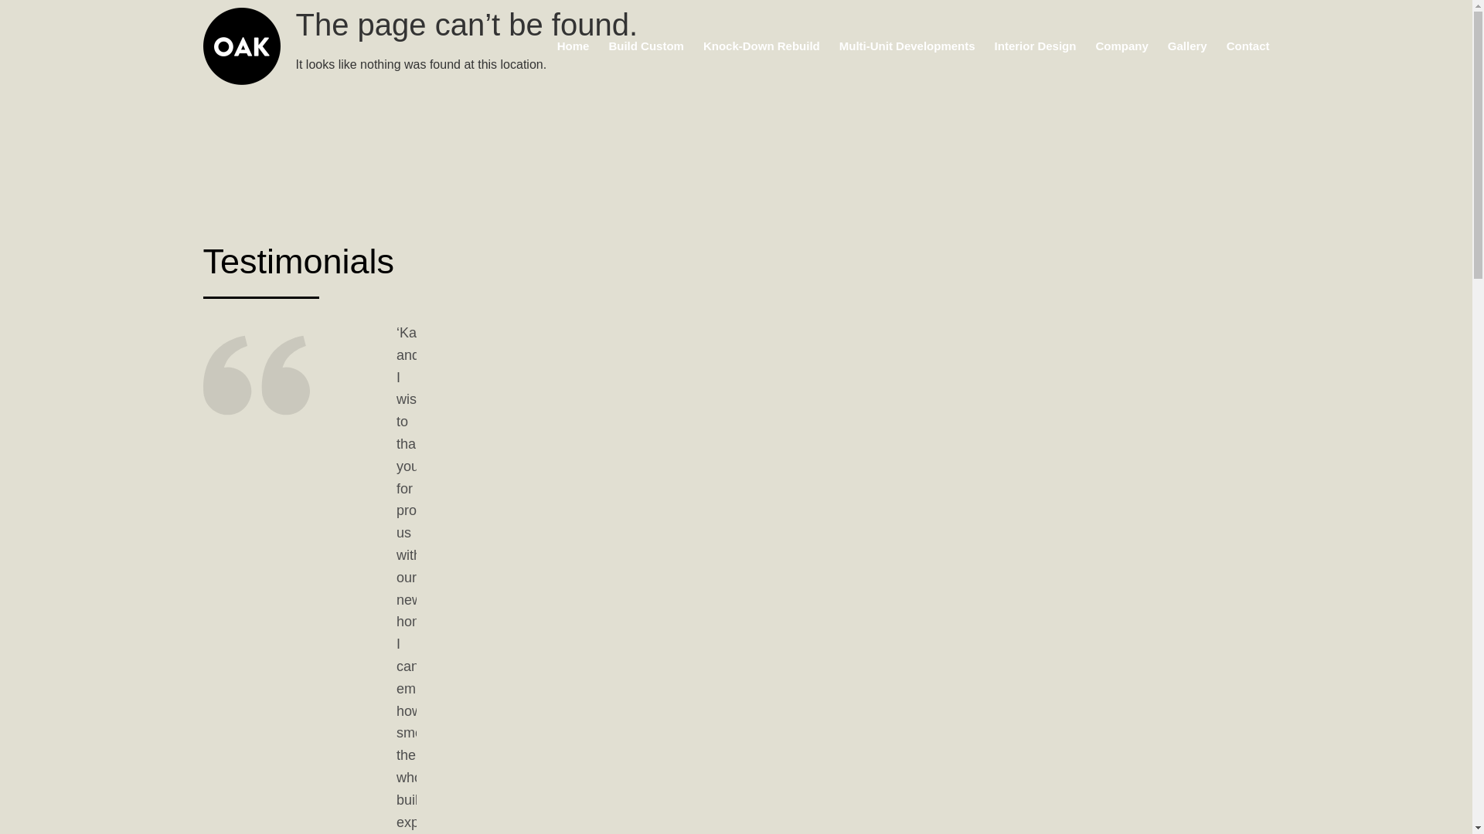 The image size is (1484, 834). I want to click on 'Company', so click(1121, 46).